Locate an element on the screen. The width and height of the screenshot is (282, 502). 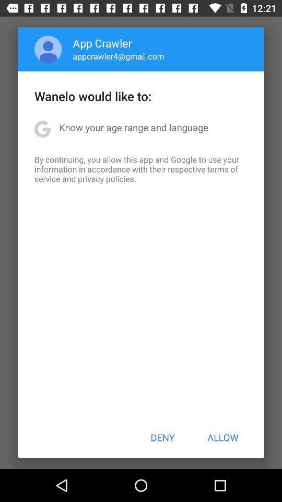
the app next to app crawler is located at coordinates (48, 49).